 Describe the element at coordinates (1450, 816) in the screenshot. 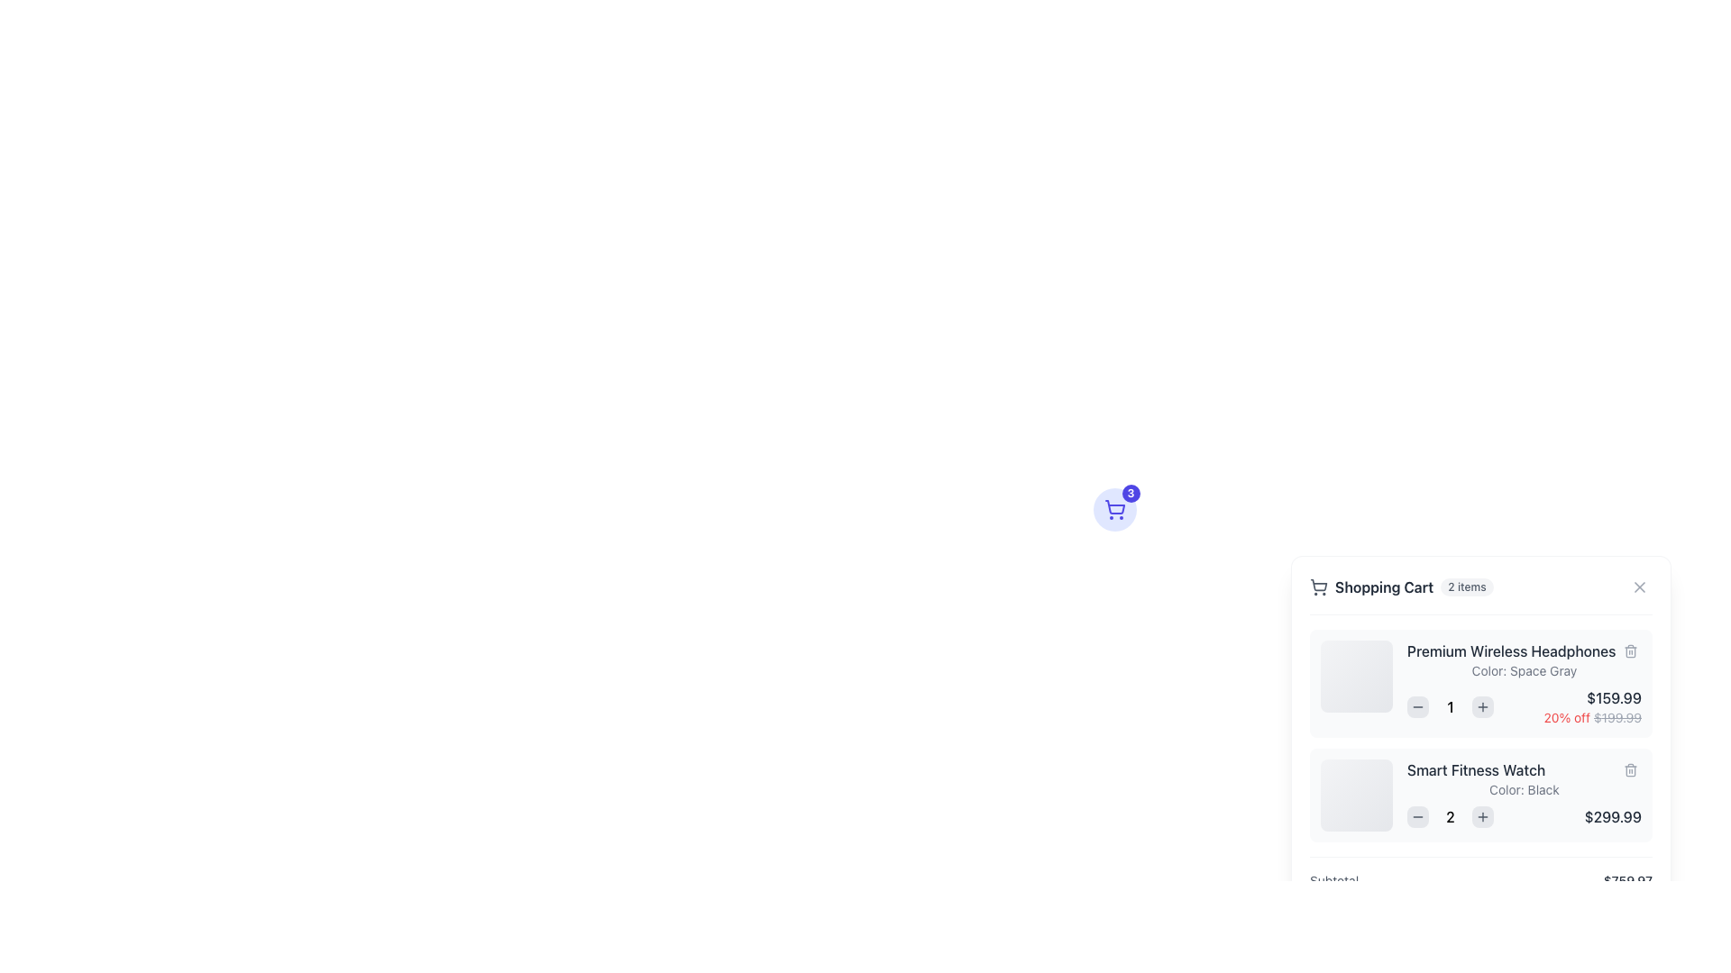

I see `the Text Display element that shows the number '2' in bold, which is located between the decrement button with a minus sign and the increment button with a plus sign for the 'Smart Fitness Watch'` at that location.